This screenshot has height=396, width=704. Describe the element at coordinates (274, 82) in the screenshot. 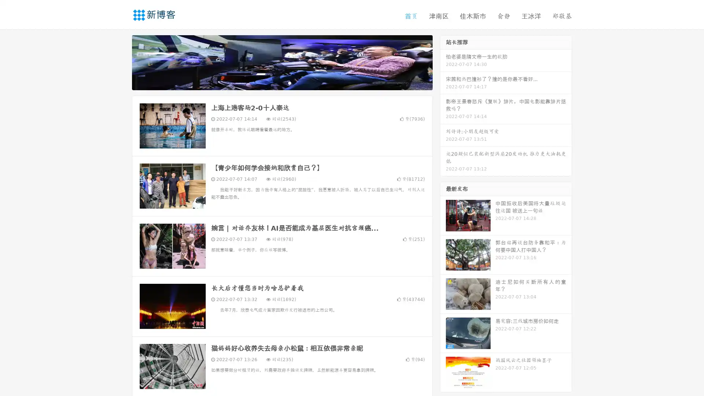

I see `Go to slide 1` at that location.